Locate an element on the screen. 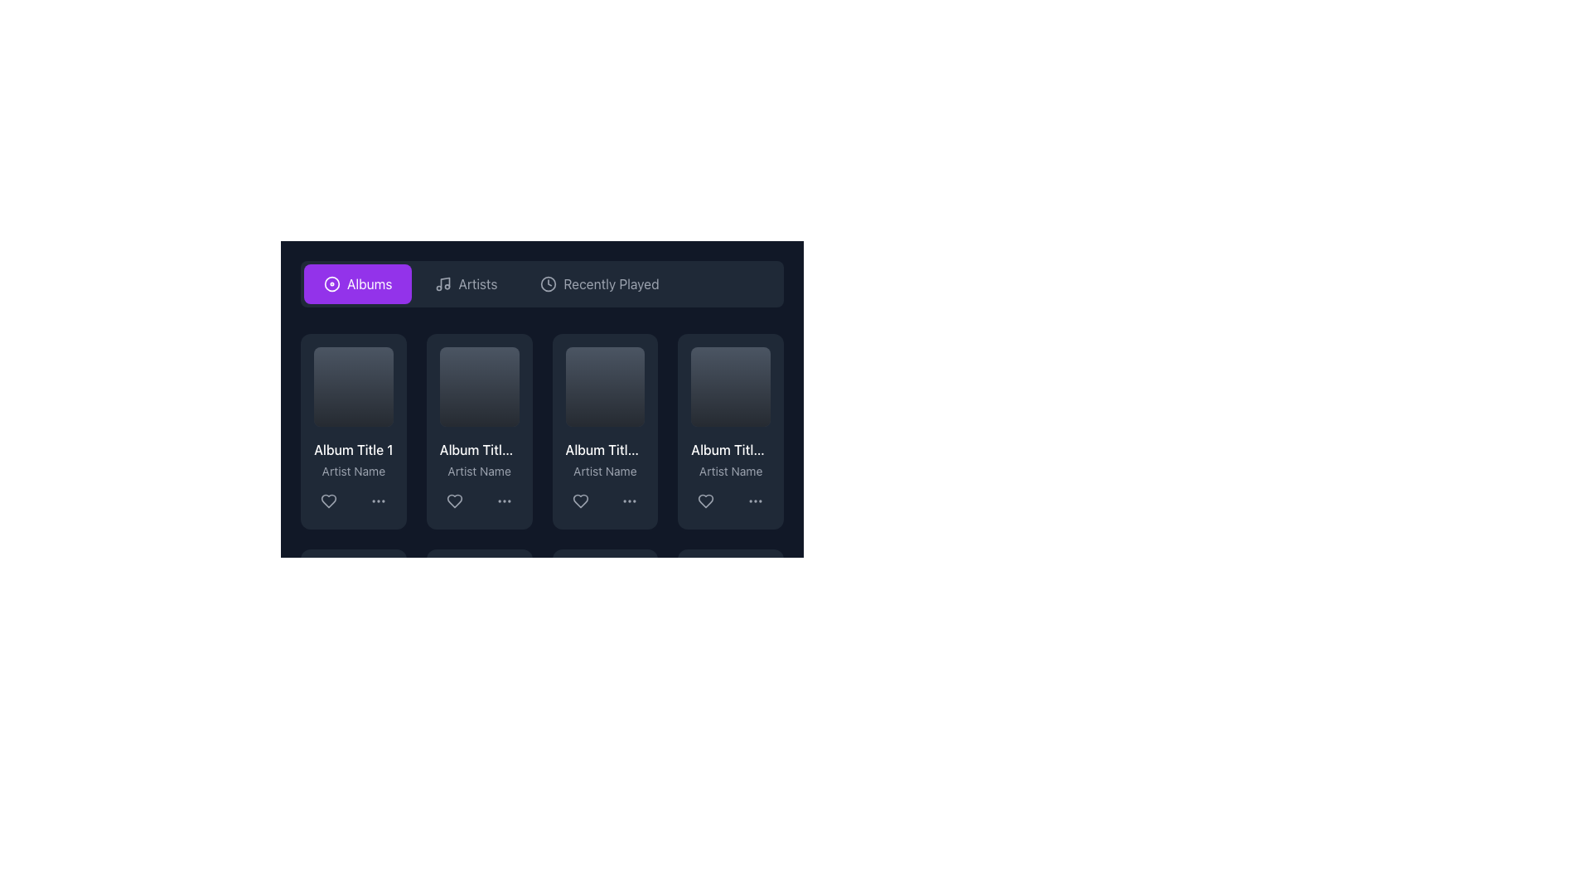 The height and width of the screenshot is (895, 1591). the static text label displaying 'Artist Name' located beneath the title 'Album Title 3' in the third album card is located at coordinates (604, 471).